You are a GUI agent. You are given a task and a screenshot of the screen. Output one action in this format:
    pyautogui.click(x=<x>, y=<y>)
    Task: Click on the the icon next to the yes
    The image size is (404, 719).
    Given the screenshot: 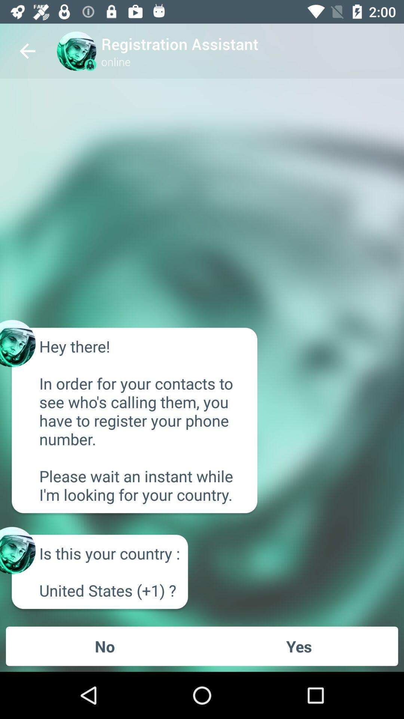 What is the action you would take?
    pyautogui.click(x=105, y=646)
    